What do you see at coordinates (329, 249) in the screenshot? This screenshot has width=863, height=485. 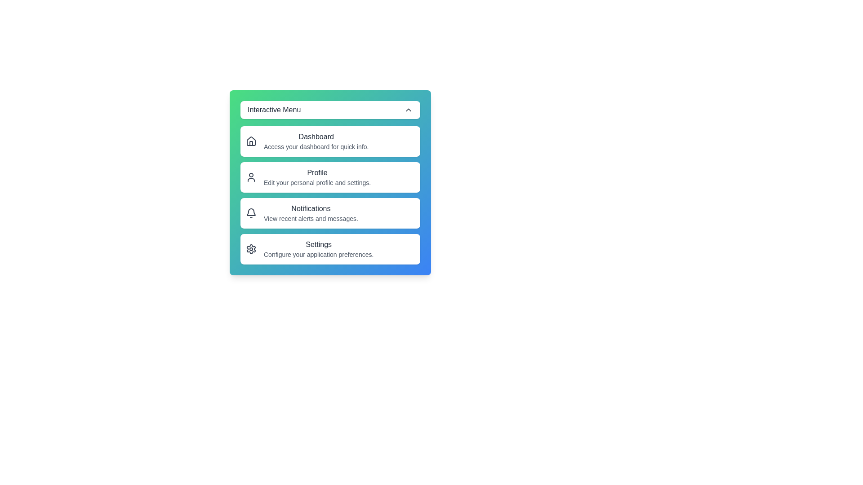 I see `the menu item Settings to view its details` at bounding box center [329, 249].